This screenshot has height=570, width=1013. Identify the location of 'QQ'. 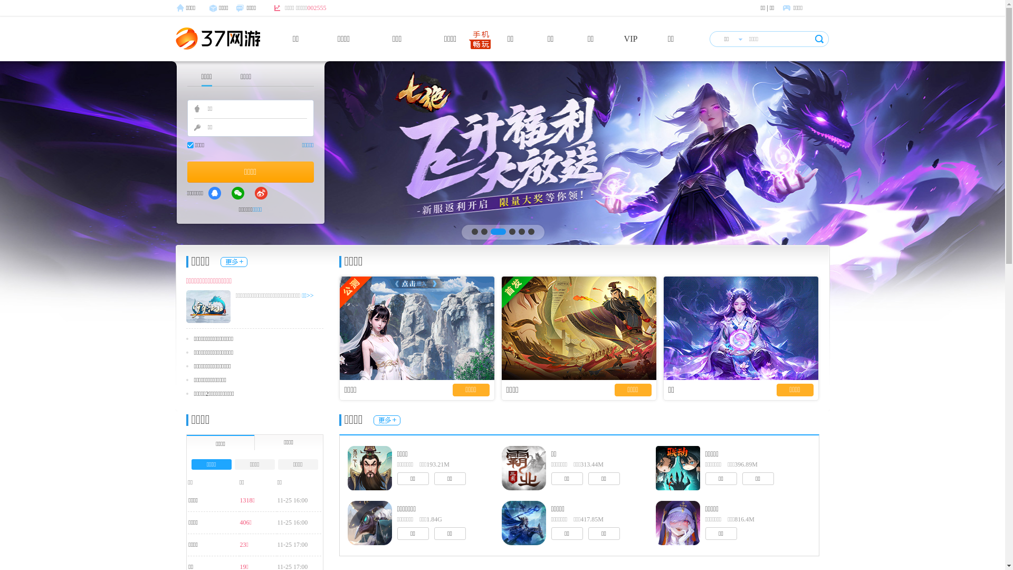
(214, 193).